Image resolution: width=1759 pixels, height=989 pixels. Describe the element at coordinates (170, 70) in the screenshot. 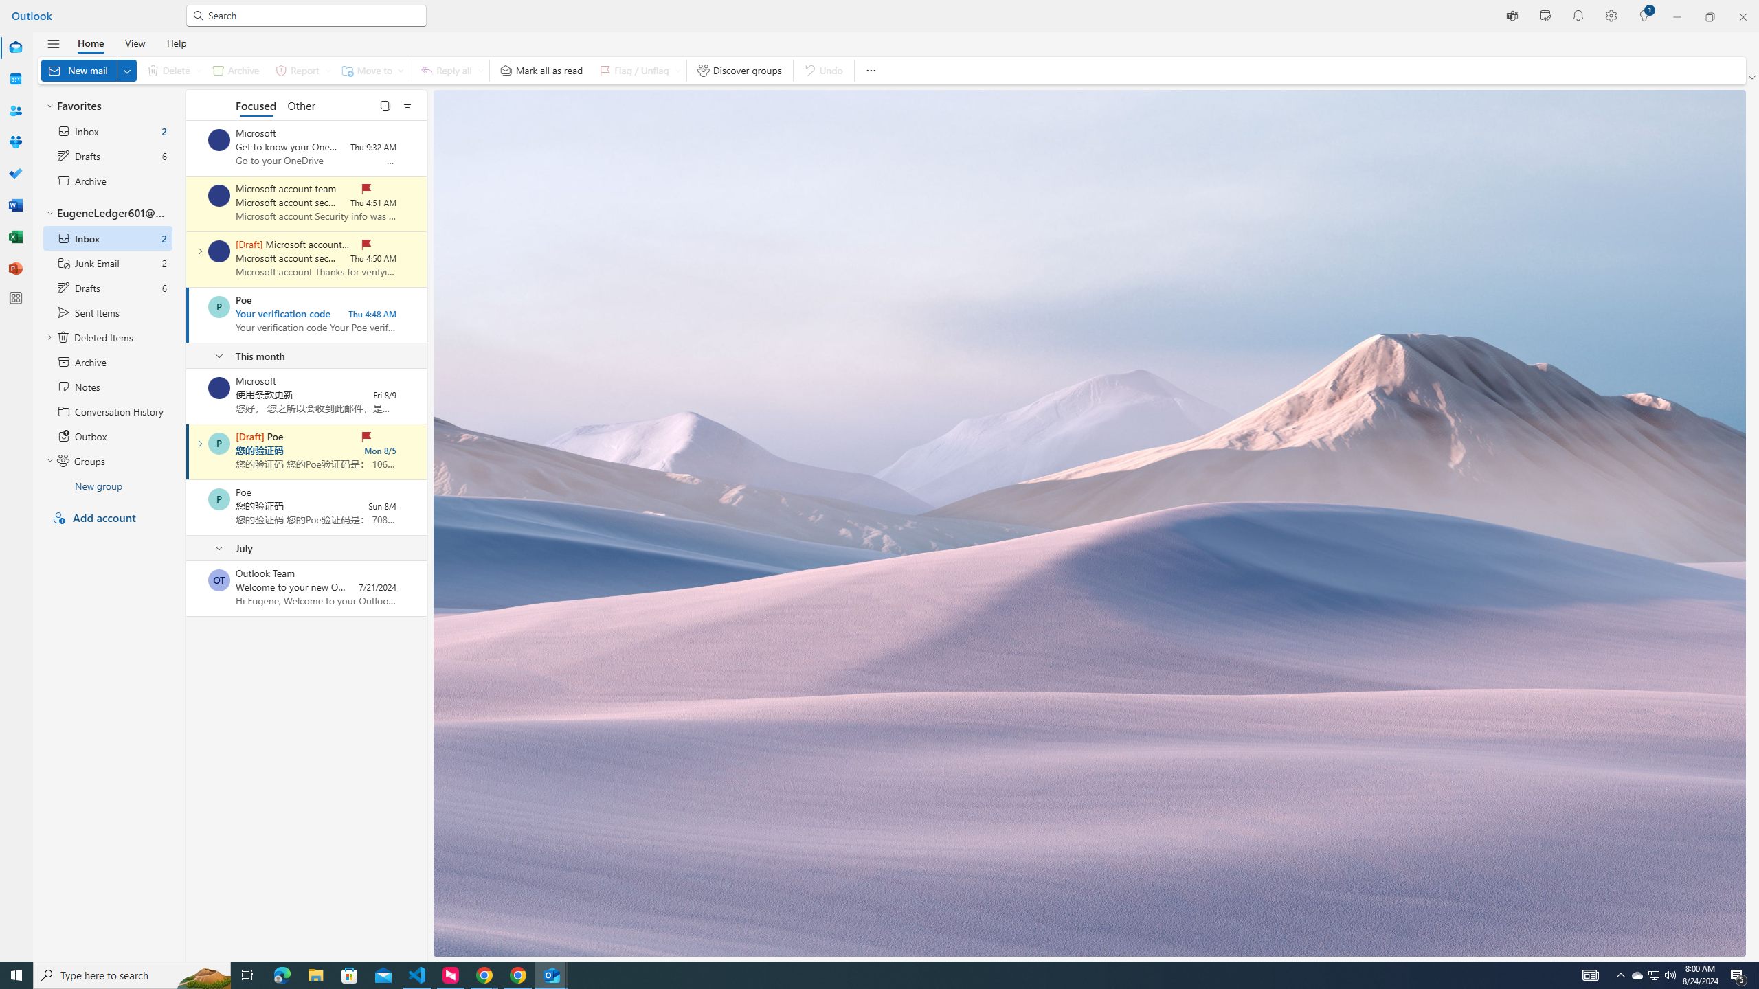

I see `'Delete'` at that location.